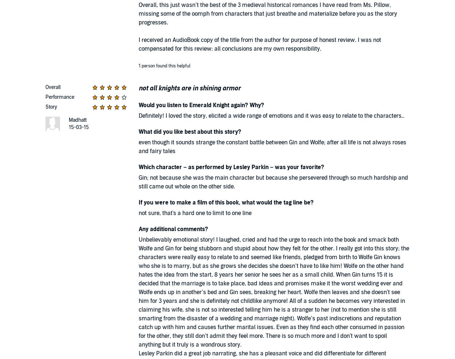  I want to click on 'Story', so click(51, 106).